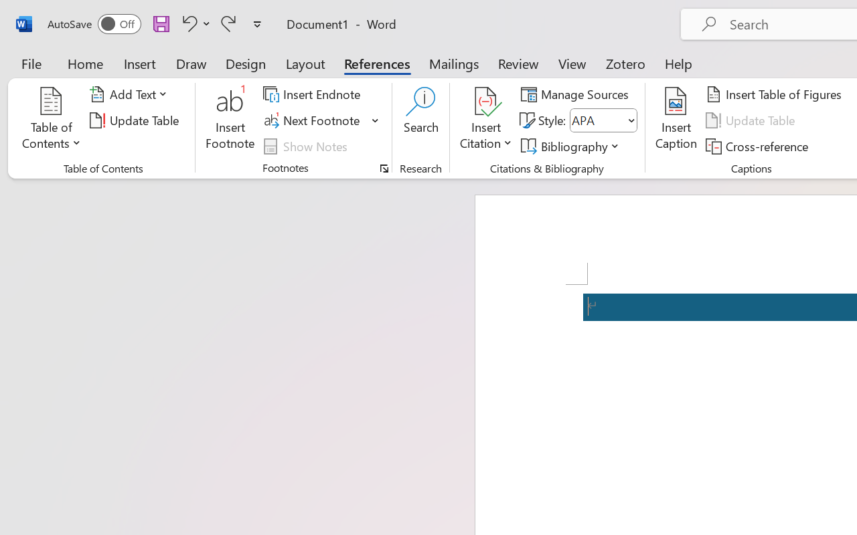  I want to click on 'Insert Table of Figures...', so click(776, 94).